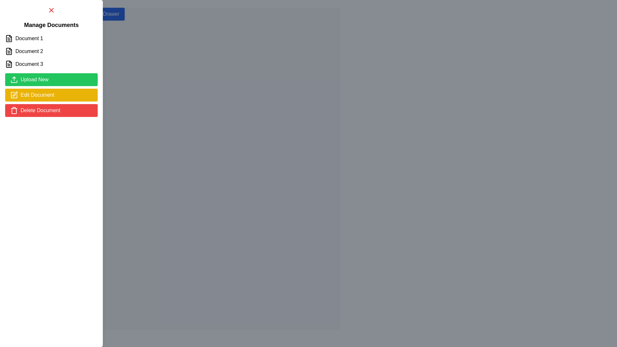 This screenshot has height=347, width=617. Describe the element at coordinates (51, 10) in the screenshot. I see `the close button located at the top-left corner of the white panel, to the left of the heading 'Manage Documents'` at that location.